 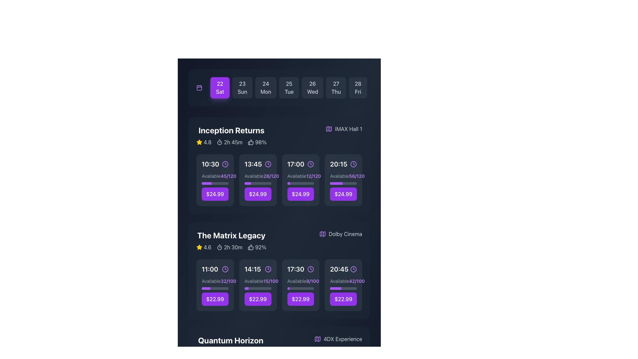 What do you see at coordinates (339, 269) in the screenshot?
I see `the text display showing the time value '20:45' in bold white font, located in the third section titled 'The Matrix Legacy' under the fourth column timing option` at bounding box center [339, 269].